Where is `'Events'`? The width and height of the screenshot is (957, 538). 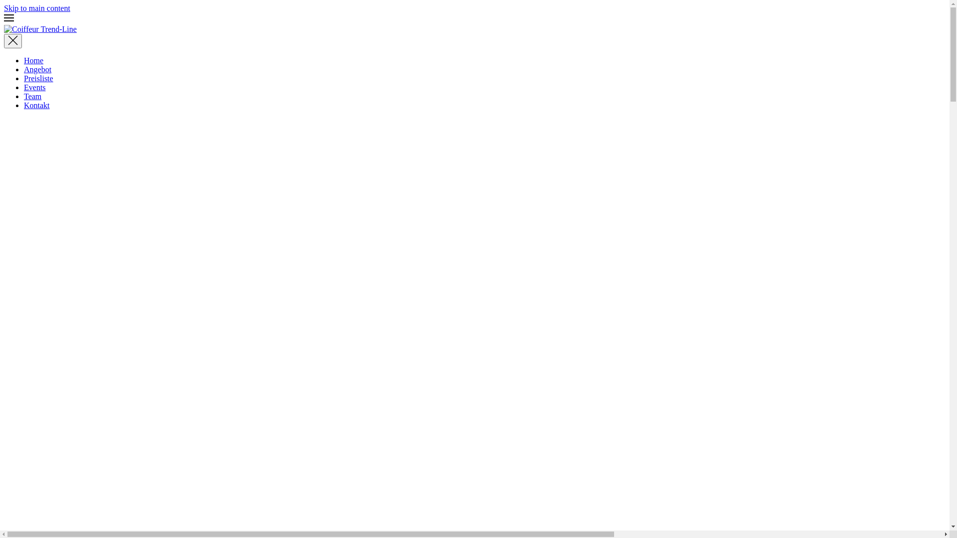 'Events' is located at coordinates (35, 87).